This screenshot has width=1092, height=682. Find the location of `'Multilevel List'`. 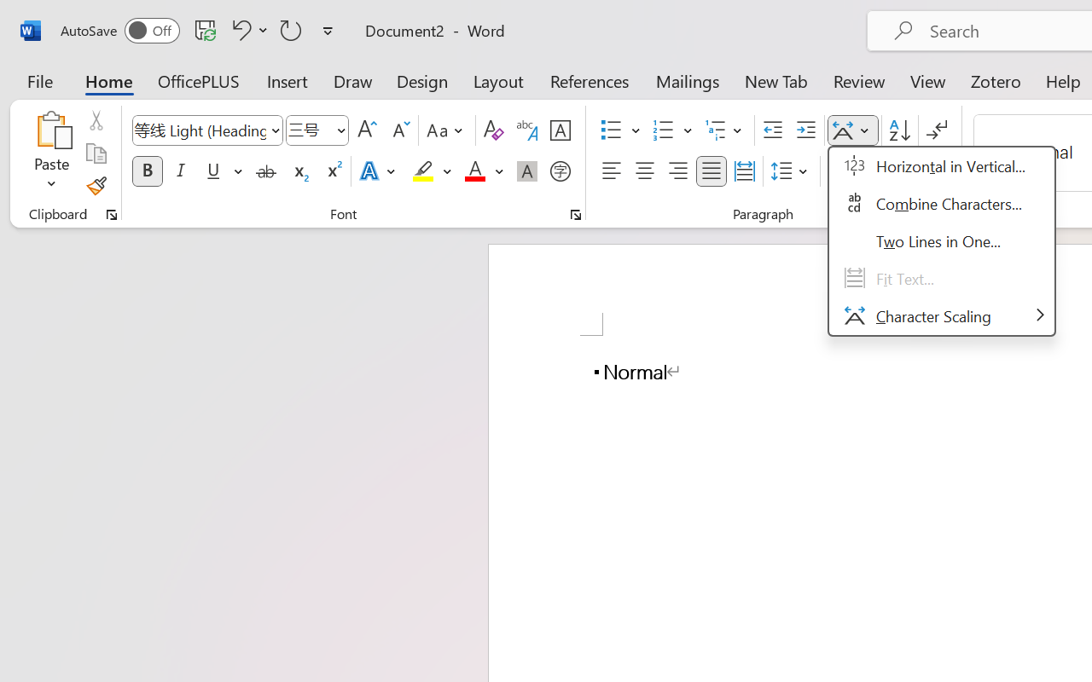

'Multilevel List' is located at coordinates (725, 130).